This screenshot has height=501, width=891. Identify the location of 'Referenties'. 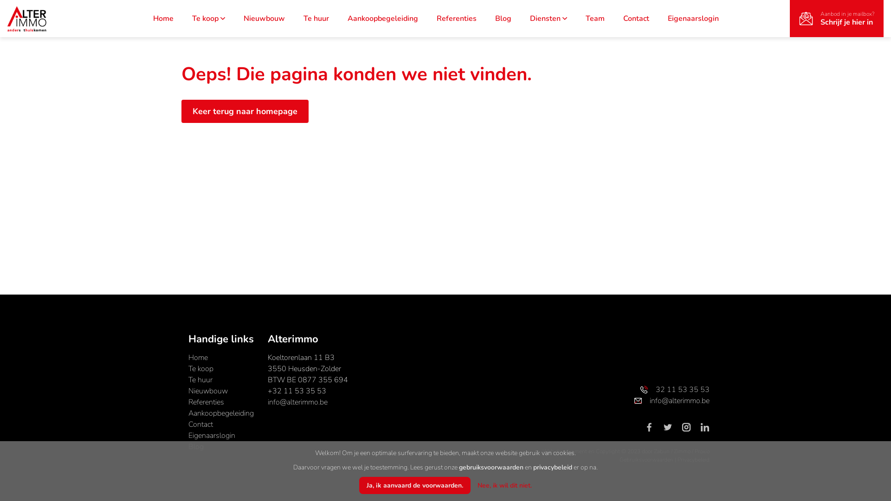
(188, 402).